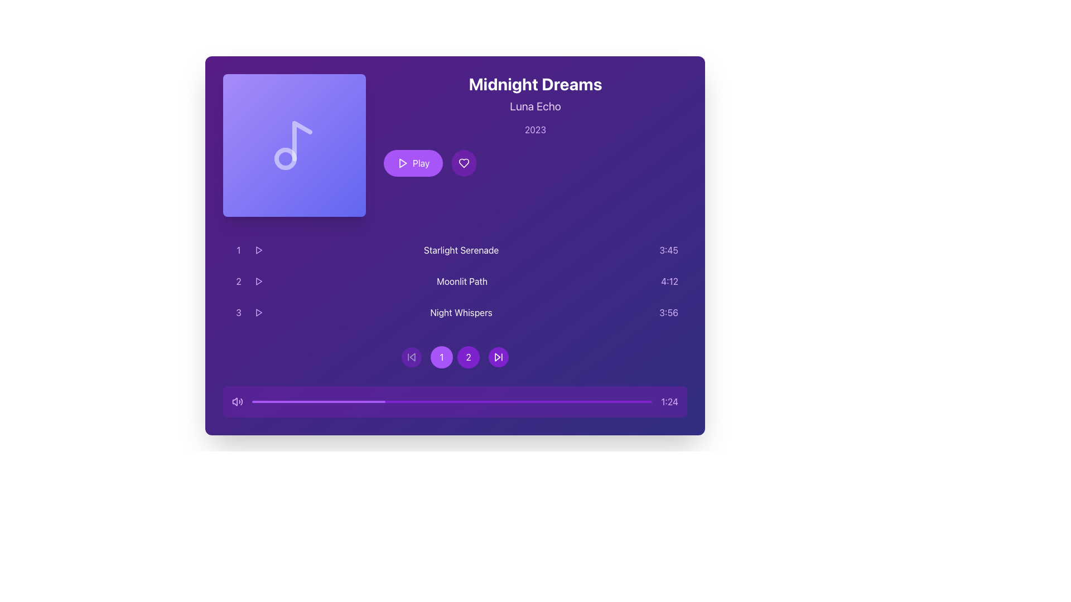 This screenshot has height=602, width=1071. I want to click on the first row item in the playlist to change its appearance, so click(455, 249).